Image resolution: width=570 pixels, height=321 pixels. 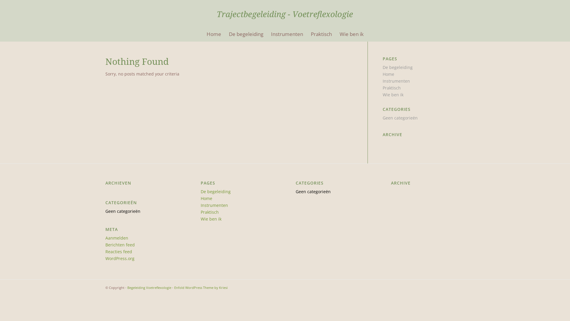 What do you see at coordinates (120, 245) in the screenshot?
I see `'Berichten feed'` at bounding box center [120, 245].